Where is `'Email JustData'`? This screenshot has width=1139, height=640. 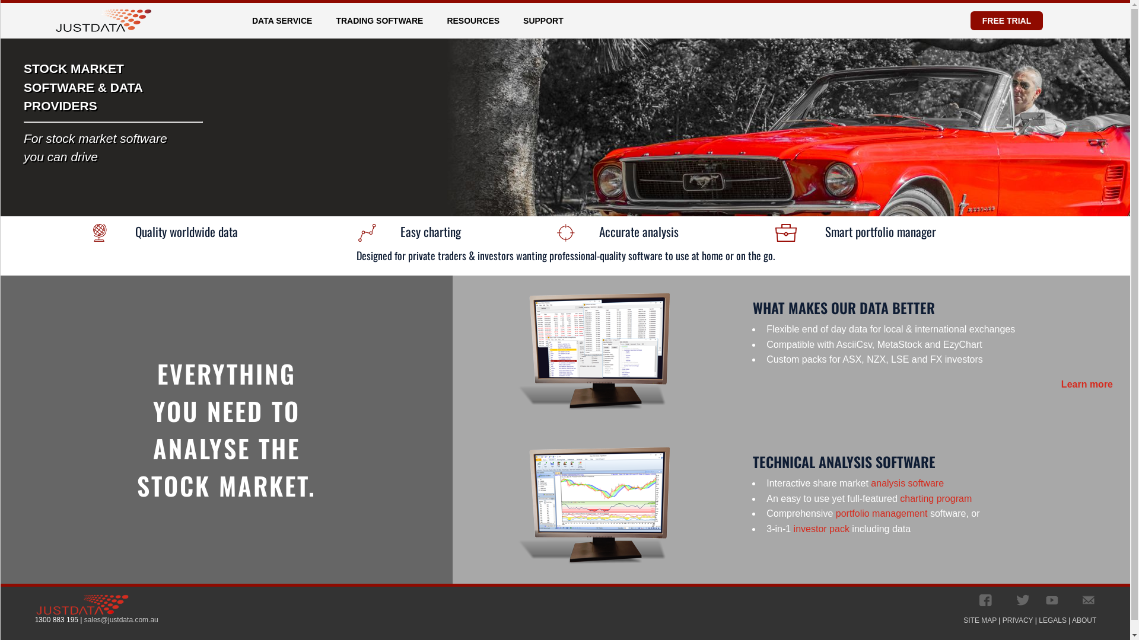
'Email JustData' is located at coordinates (1088, 600).